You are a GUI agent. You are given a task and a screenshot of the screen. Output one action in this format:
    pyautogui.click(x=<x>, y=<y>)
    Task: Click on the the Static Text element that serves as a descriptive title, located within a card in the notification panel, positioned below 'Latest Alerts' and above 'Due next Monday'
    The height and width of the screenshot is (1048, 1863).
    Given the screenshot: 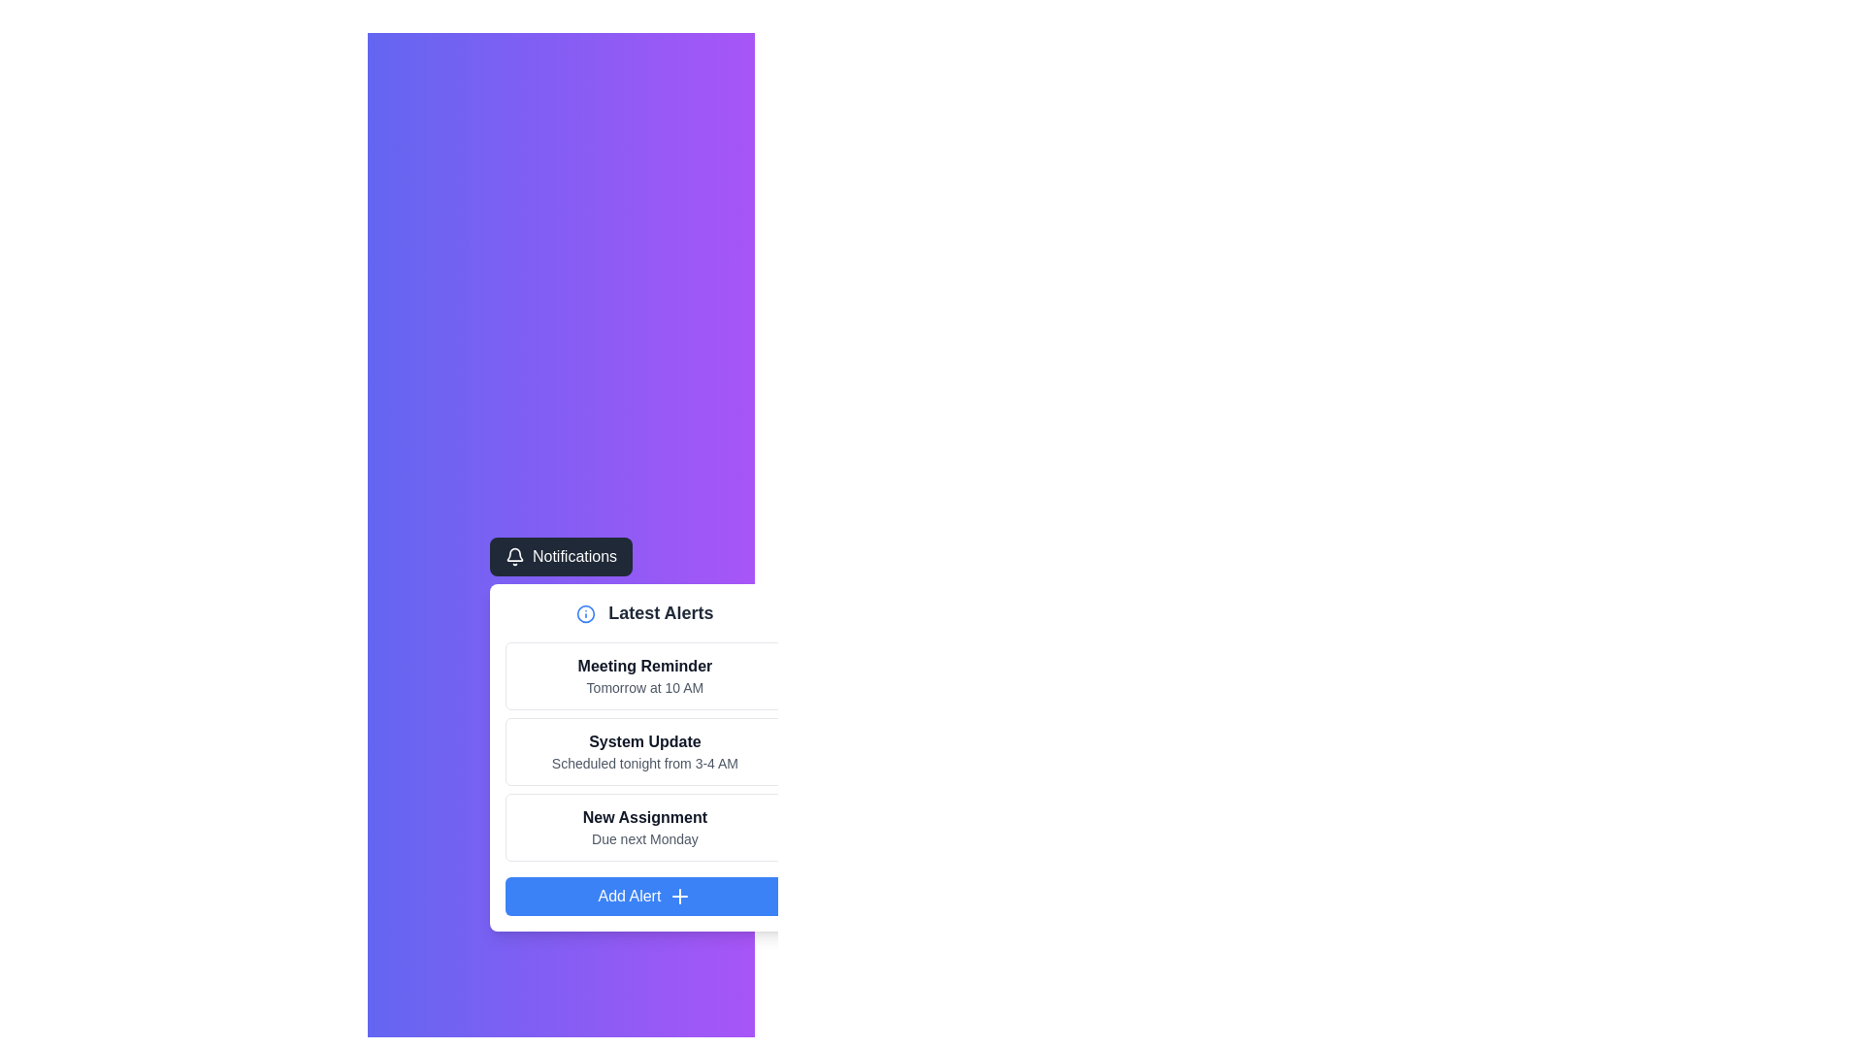 What is the action you would take?
    pyautogui.click(x=644, y=818)
    